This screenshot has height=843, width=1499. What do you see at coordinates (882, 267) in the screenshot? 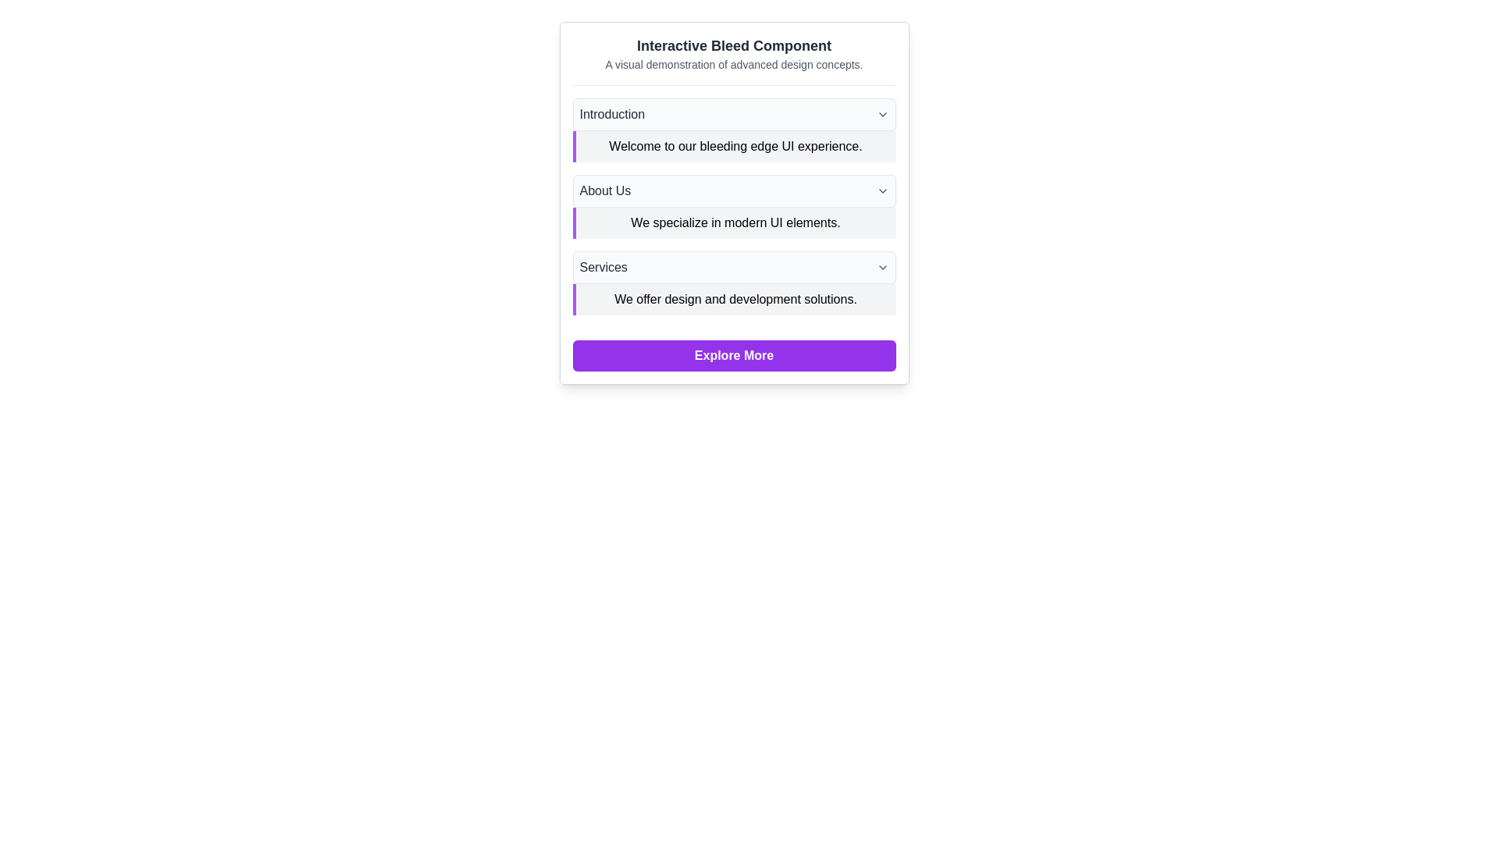
I see `the downward-pointing gray chevron icon located to the right of the 'Services' label` at bounding box center [882, 267].